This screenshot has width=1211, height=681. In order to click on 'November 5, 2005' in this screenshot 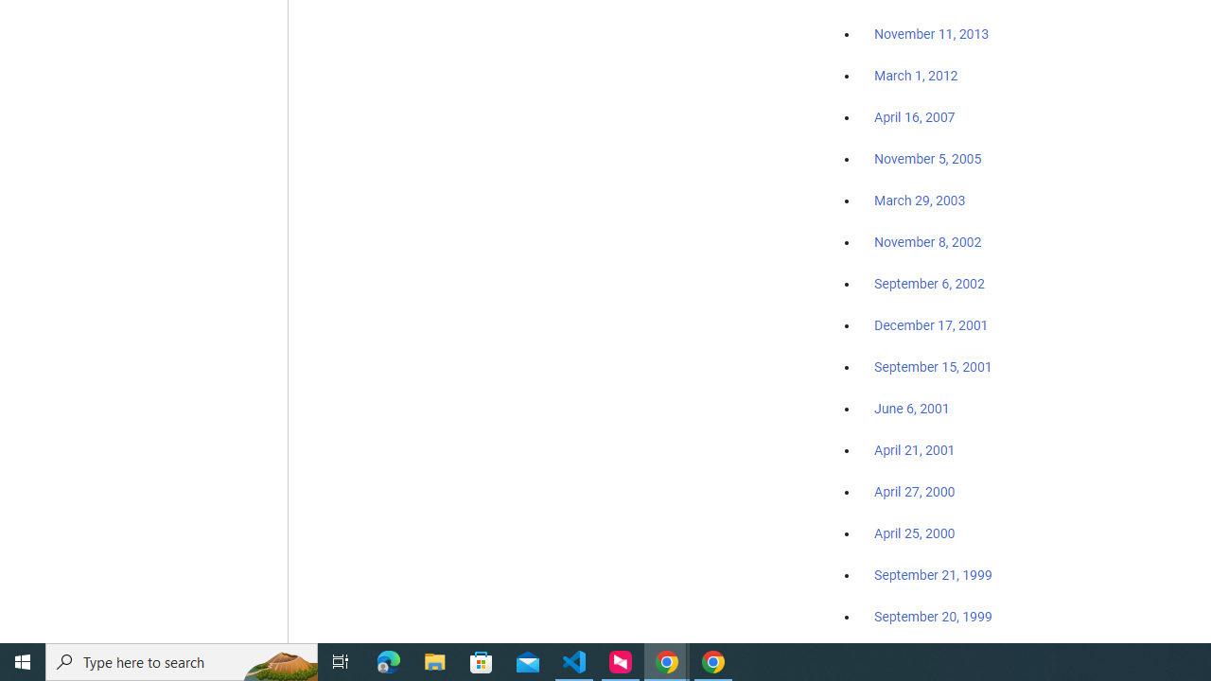, I will do `click(928, 158)`.